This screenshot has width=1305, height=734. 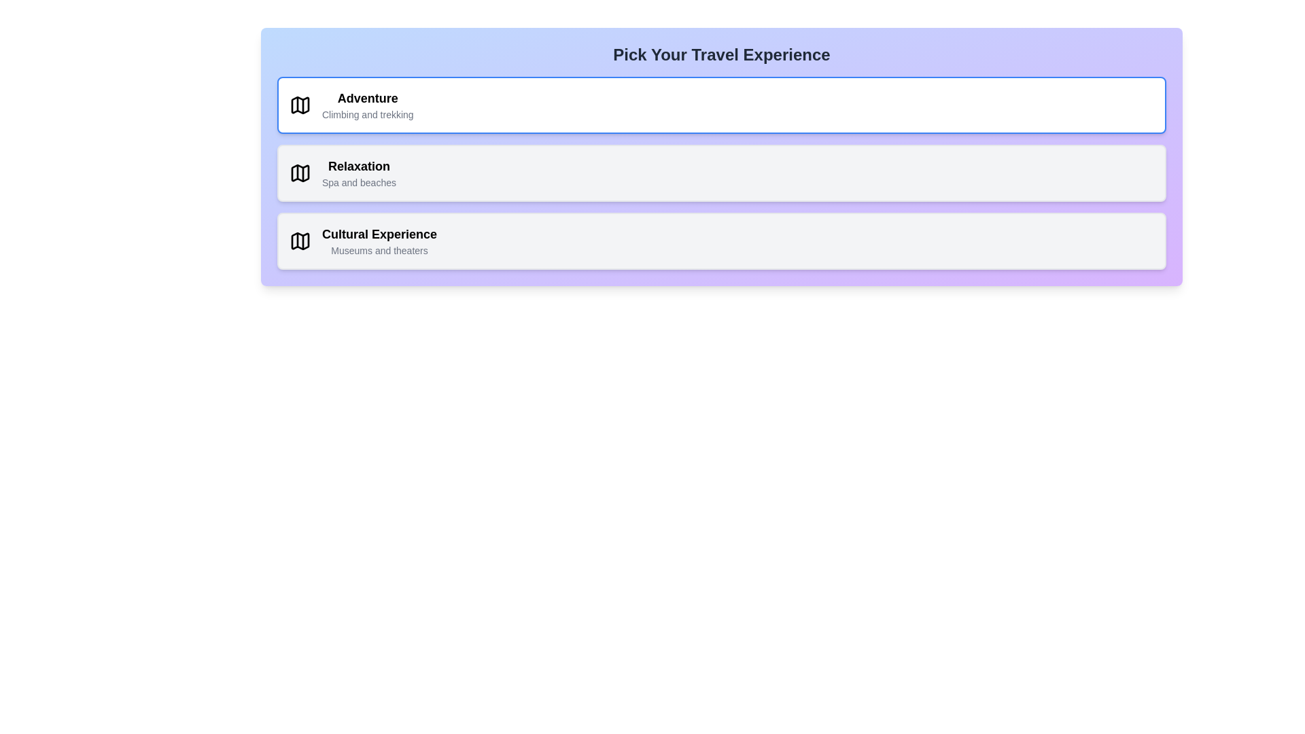 I want to click on the text label reading 'Spa and beaches', which is styled with a small font size and gray color, located directly below the 'Relaxation' label in the second card of the three-card layout, so click(x=359, y=182).